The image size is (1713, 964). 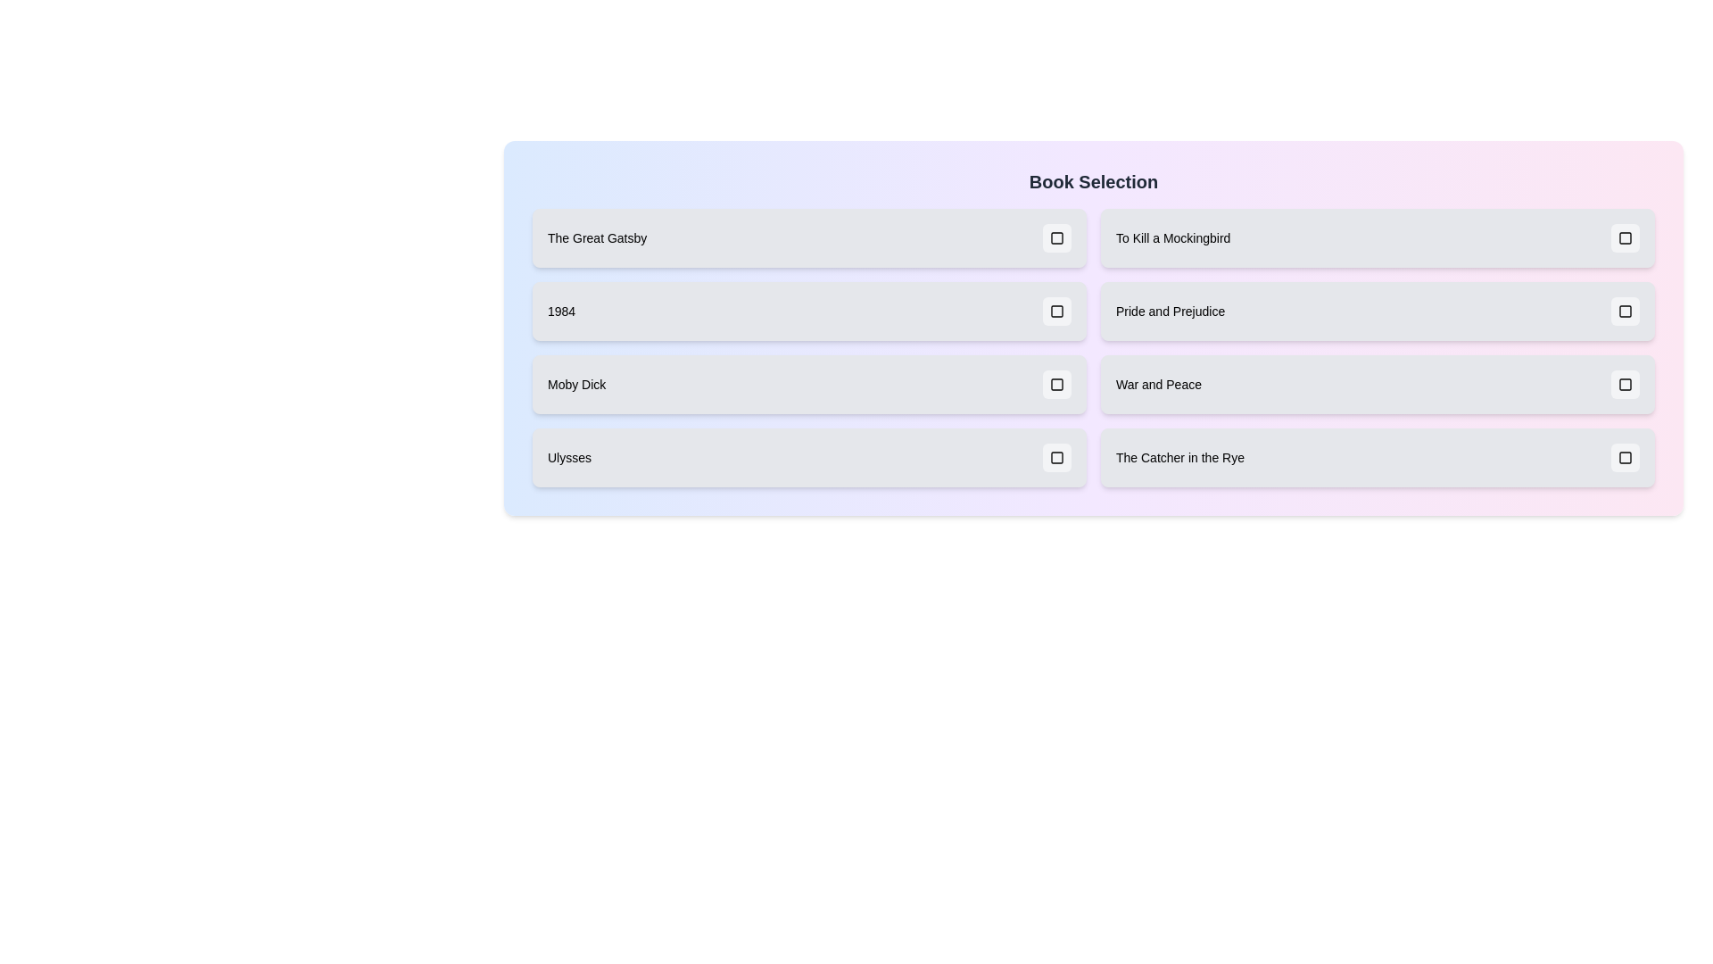 I want to click on the book title Ulysses to toggle its selection, so click(x=808, y=457).